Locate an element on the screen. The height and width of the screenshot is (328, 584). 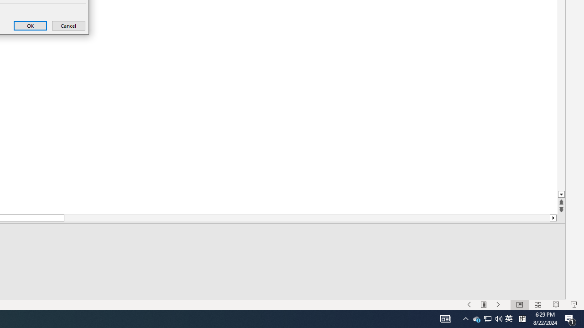
'Action Center, 1 new notification' is located at coordinates (570, 318).